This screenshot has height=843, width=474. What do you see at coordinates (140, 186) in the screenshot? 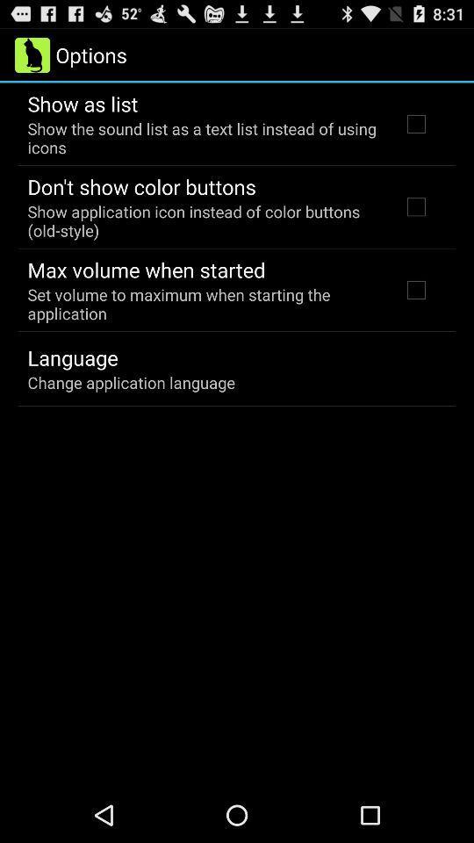
I see `the don t show item` at bounding box center [140, 186].